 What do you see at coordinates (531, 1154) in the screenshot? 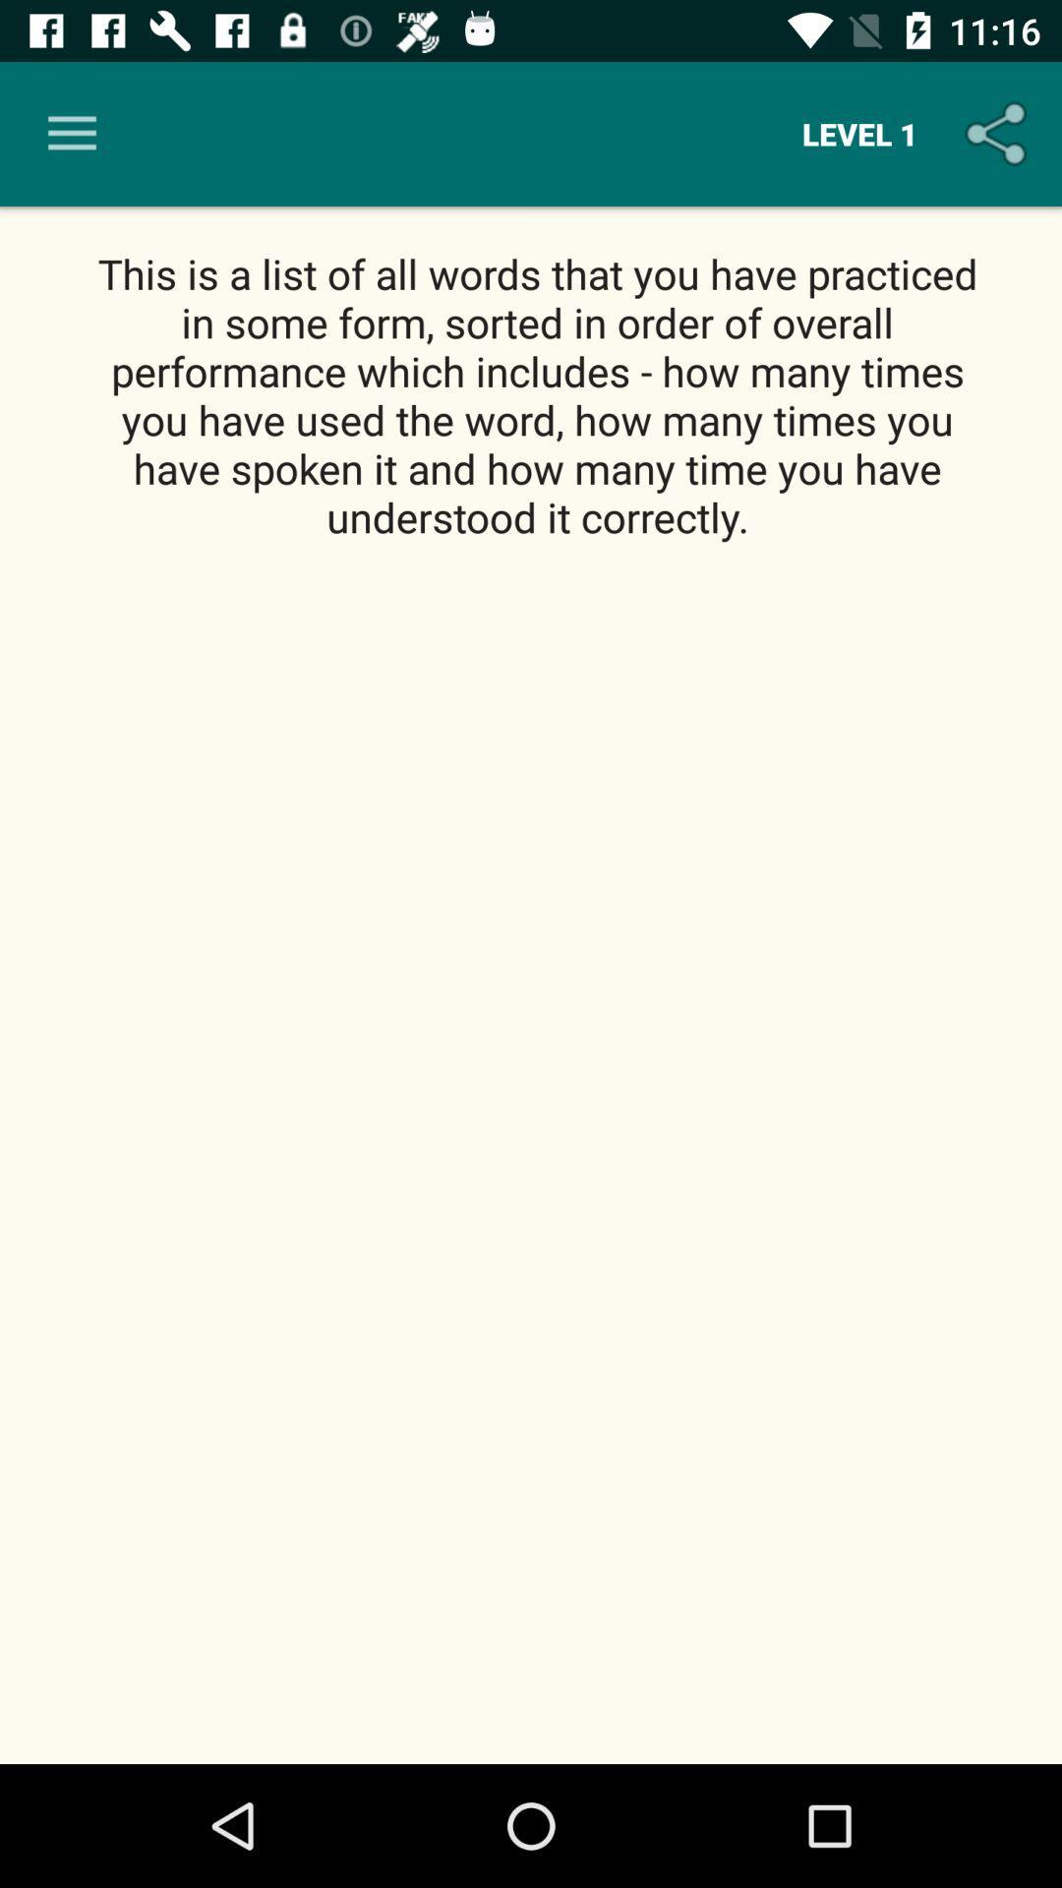
I see `the icon at the center` at bounding box center [531, 1154].